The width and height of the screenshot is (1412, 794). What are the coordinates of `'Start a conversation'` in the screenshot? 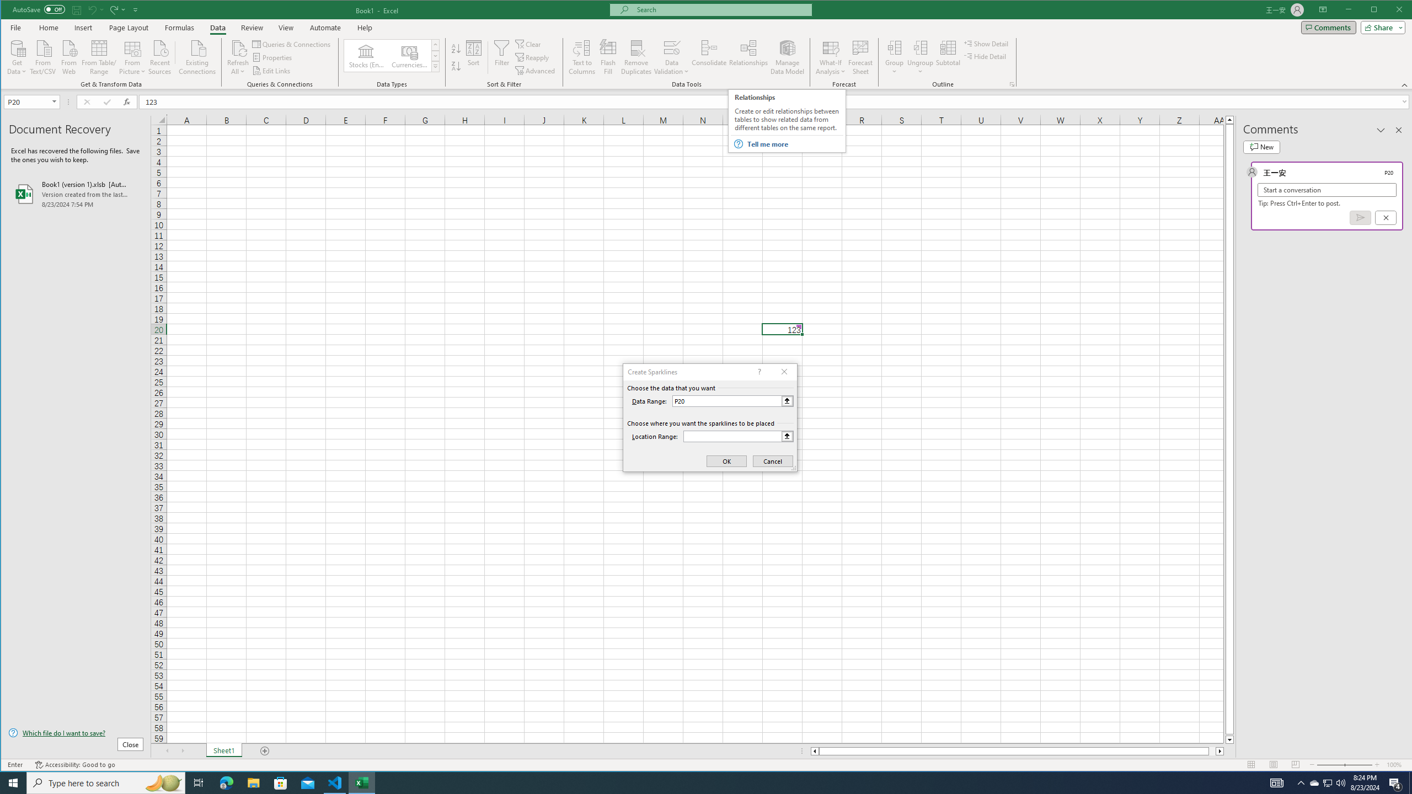 It's located at (1327, 190).